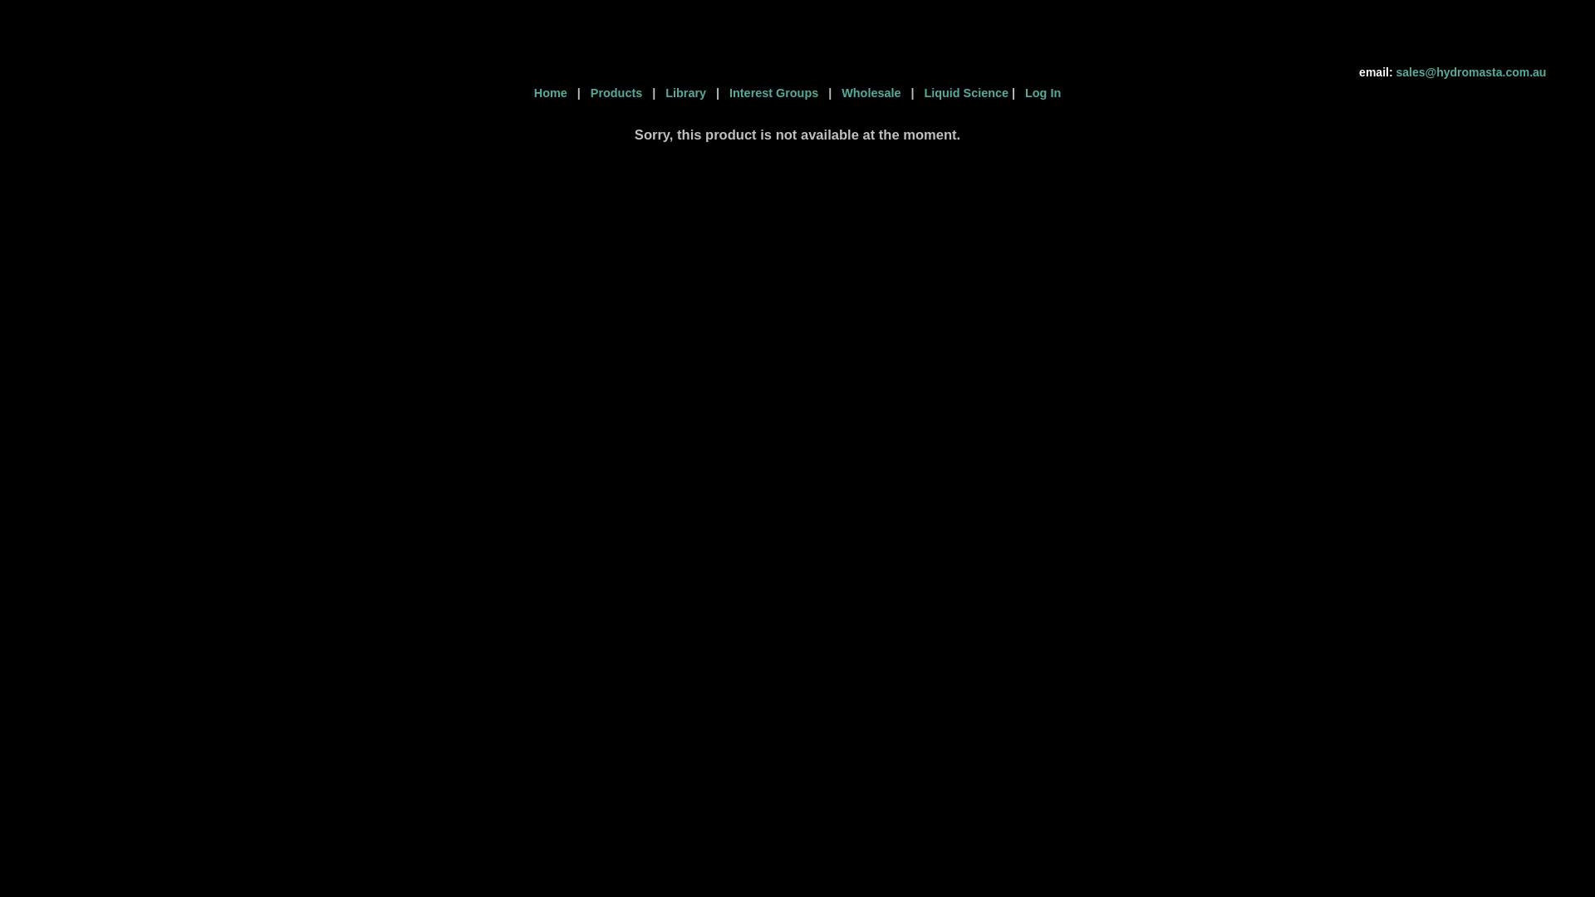 This screenshot has width=1595, height=897. Describe the element at coordinates (962, 92) in the screenshot. I see `'  Liquid Science'` at that location.